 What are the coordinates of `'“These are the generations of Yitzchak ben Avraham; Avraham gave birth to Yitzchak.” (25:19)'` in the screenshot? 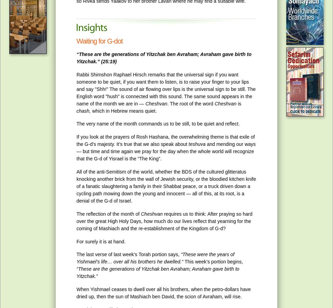 It's located at (164, 57).